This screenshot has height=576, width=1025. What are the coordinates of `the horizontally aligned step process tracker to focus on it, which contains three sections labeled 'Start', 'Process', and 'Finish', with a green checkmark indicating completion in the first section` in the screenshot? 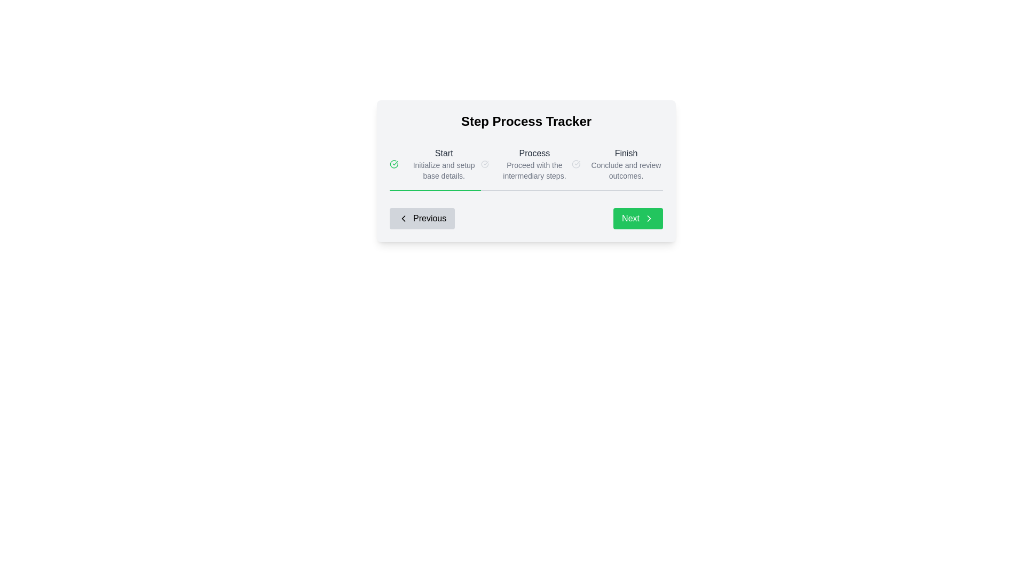 It's located at (526, 164).